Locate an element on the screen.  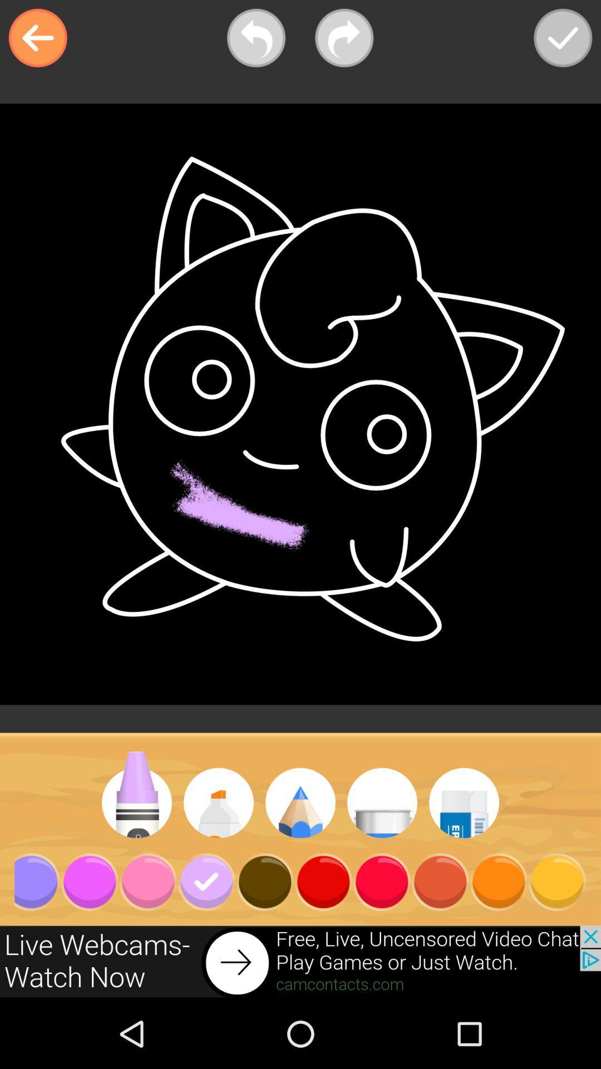
the icon at the top right corner is located at coordinates (563, 38).